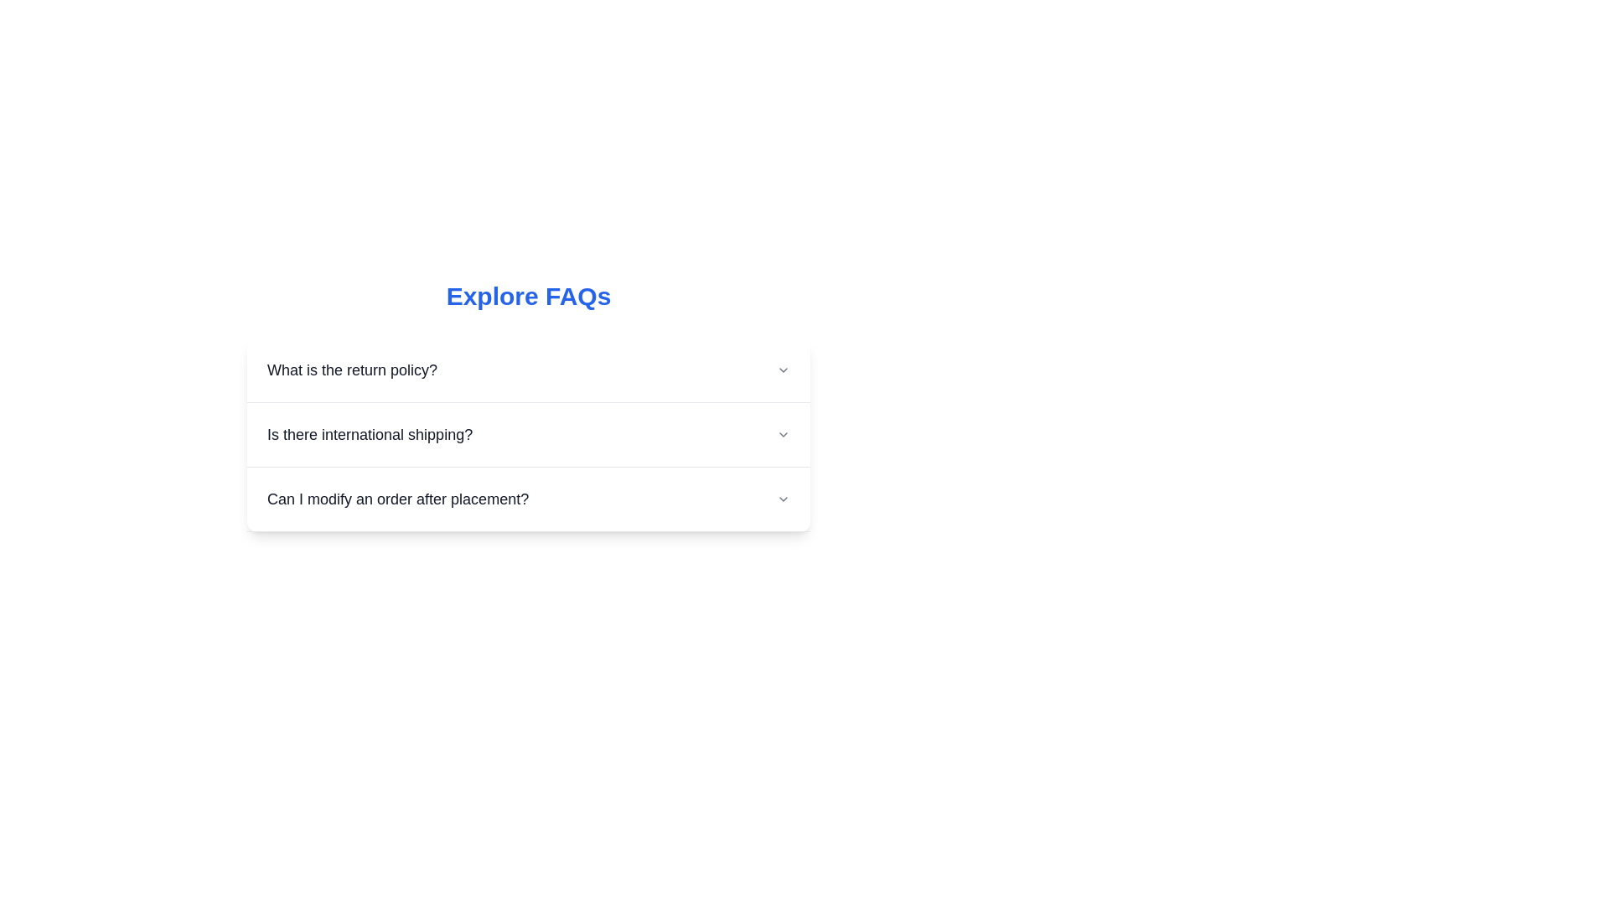 The width and height of the screenshot is (1609, 905). I want to click on the third FAQ entry that expands or collapses, so click(527, 499).